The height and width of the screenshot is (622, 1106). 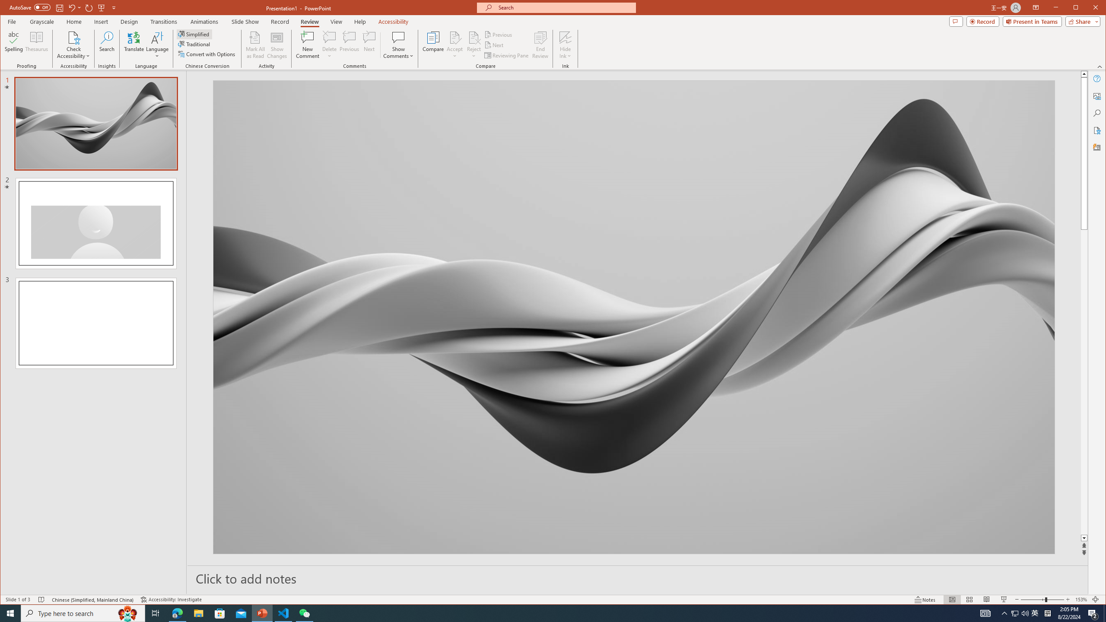 What do you see at coordinates (157, 44) in the screenshot?
I see `'Language'` at bounding box center [157, 44].